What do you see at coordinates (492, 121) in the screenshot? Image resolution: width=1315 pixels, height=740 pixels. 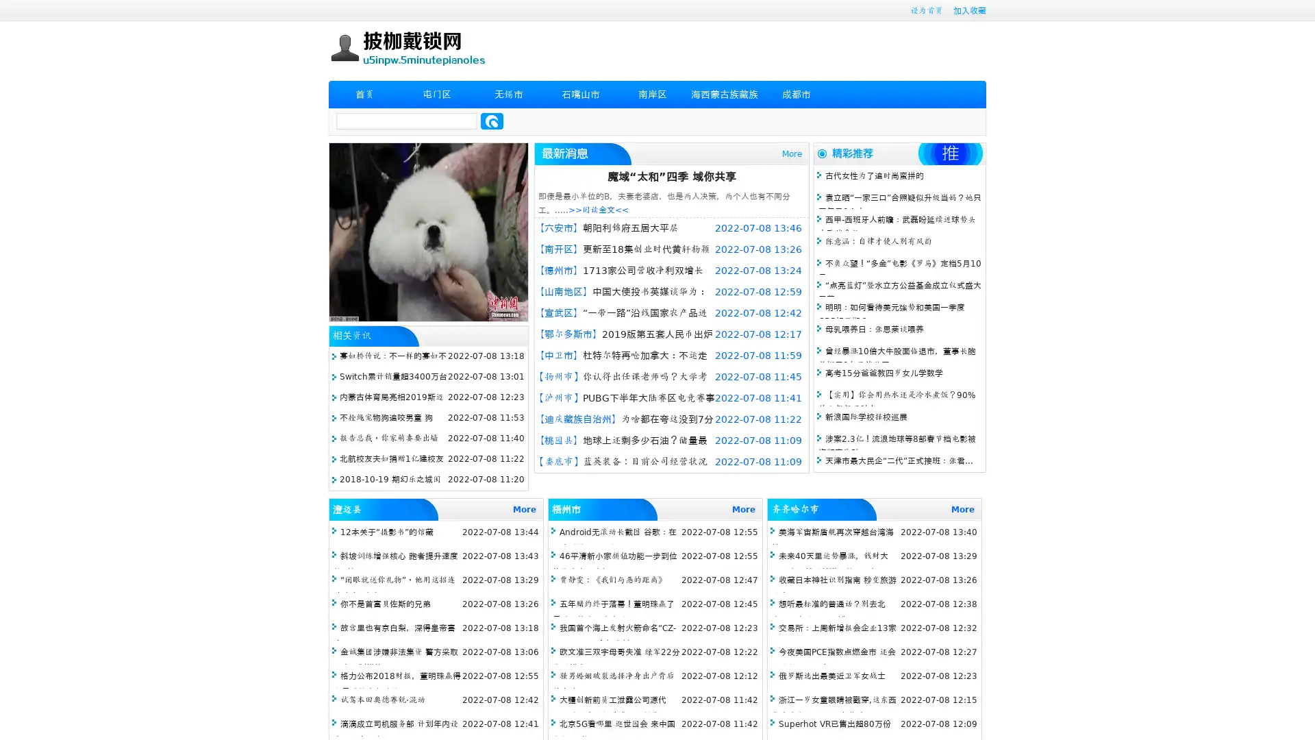 I see `Search` at bounding box center [492, 121].